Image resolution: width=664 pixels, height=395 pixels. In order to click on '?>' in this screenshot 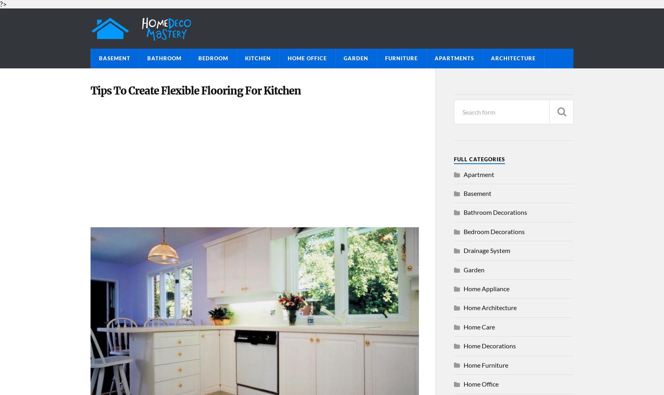, I will do `click(3, 4)`.